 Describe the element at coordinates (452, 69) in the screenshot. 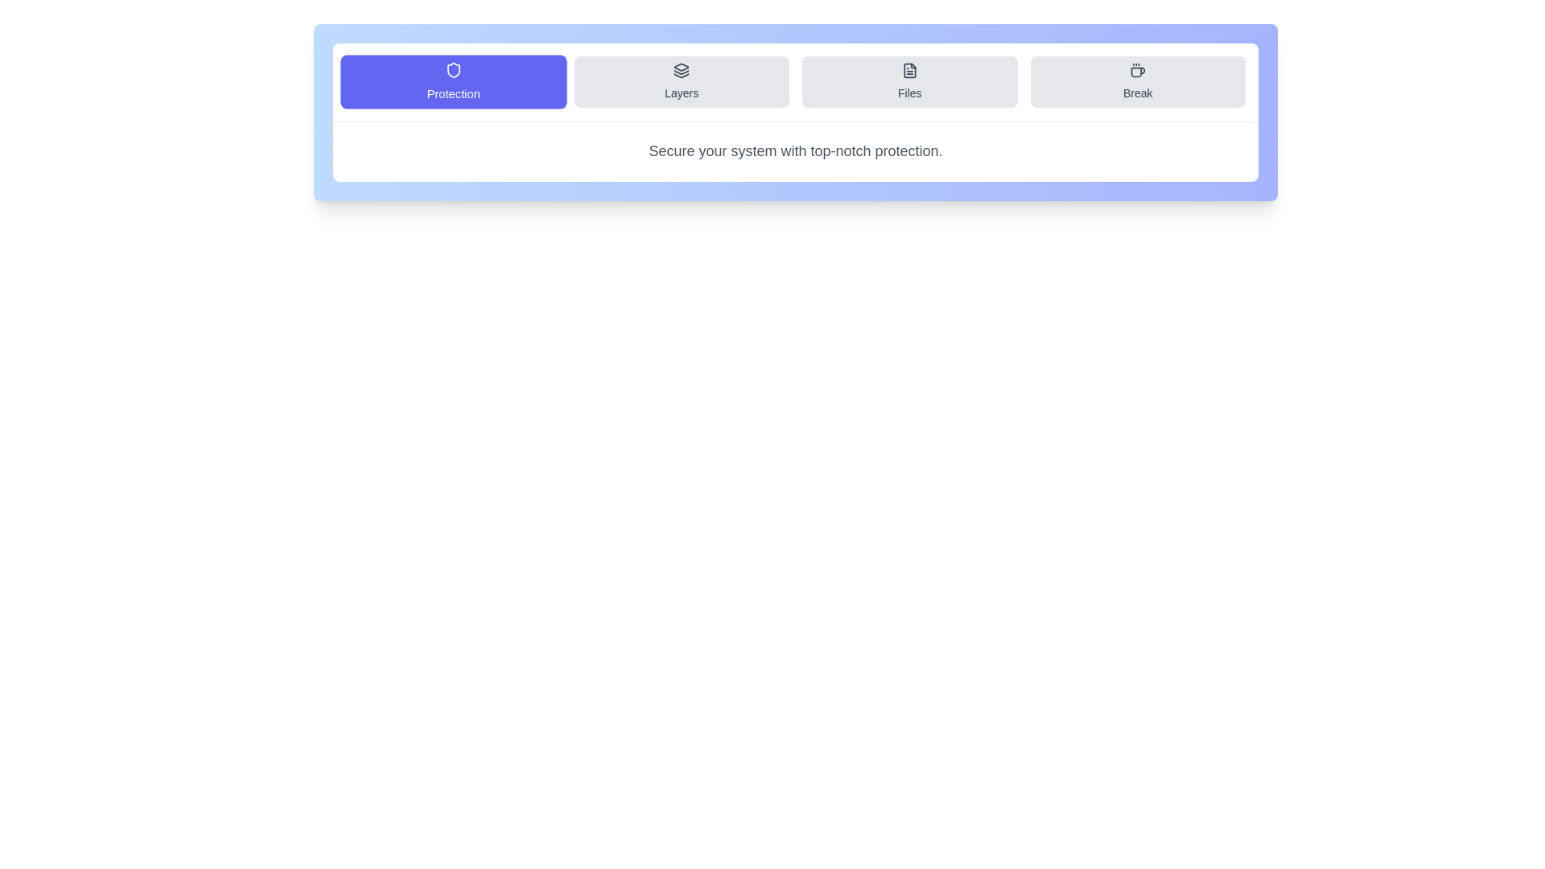

I see `the icon of the Protection tab` at that location.